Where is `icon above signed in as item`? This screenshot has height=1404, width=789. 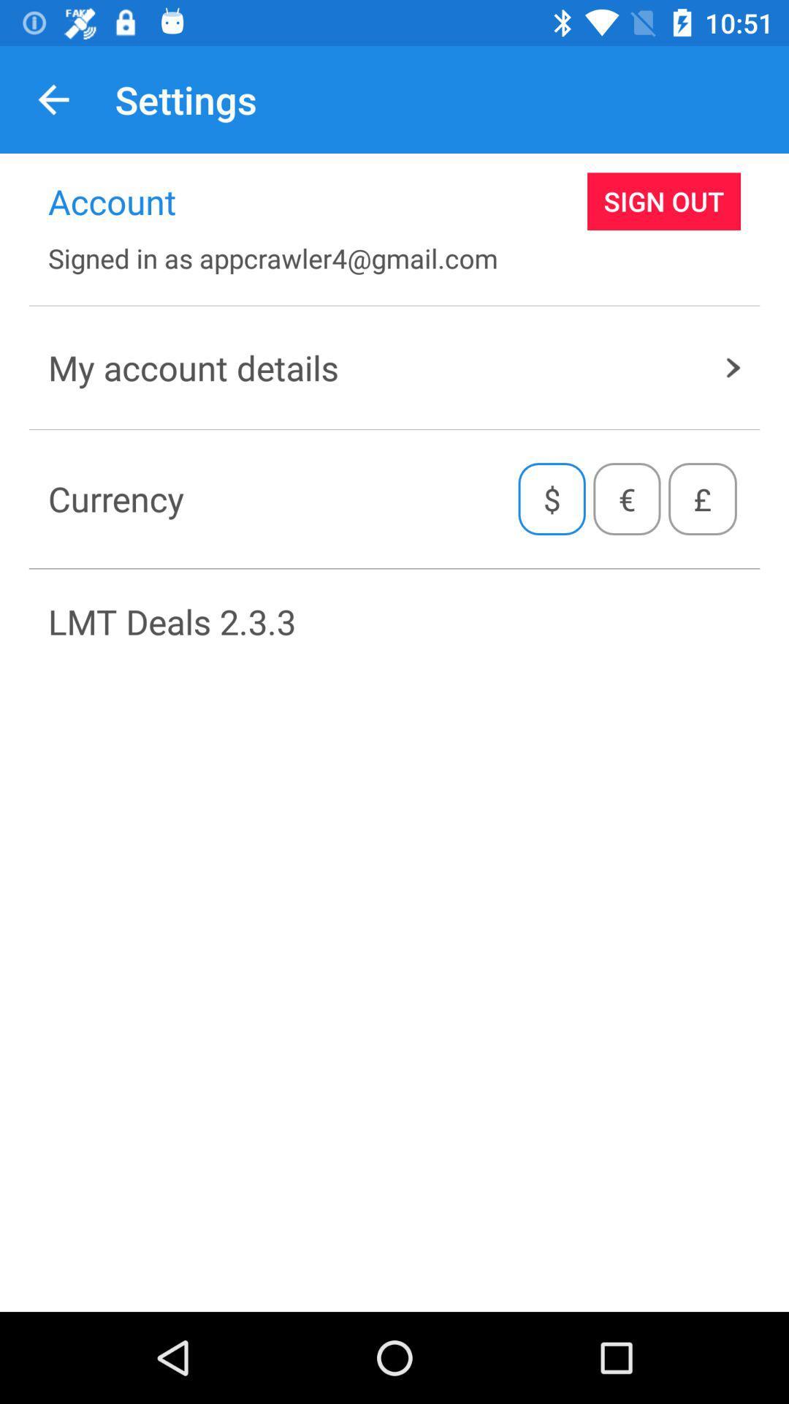 icon above signed in as item is located at coordinates (664, 200).